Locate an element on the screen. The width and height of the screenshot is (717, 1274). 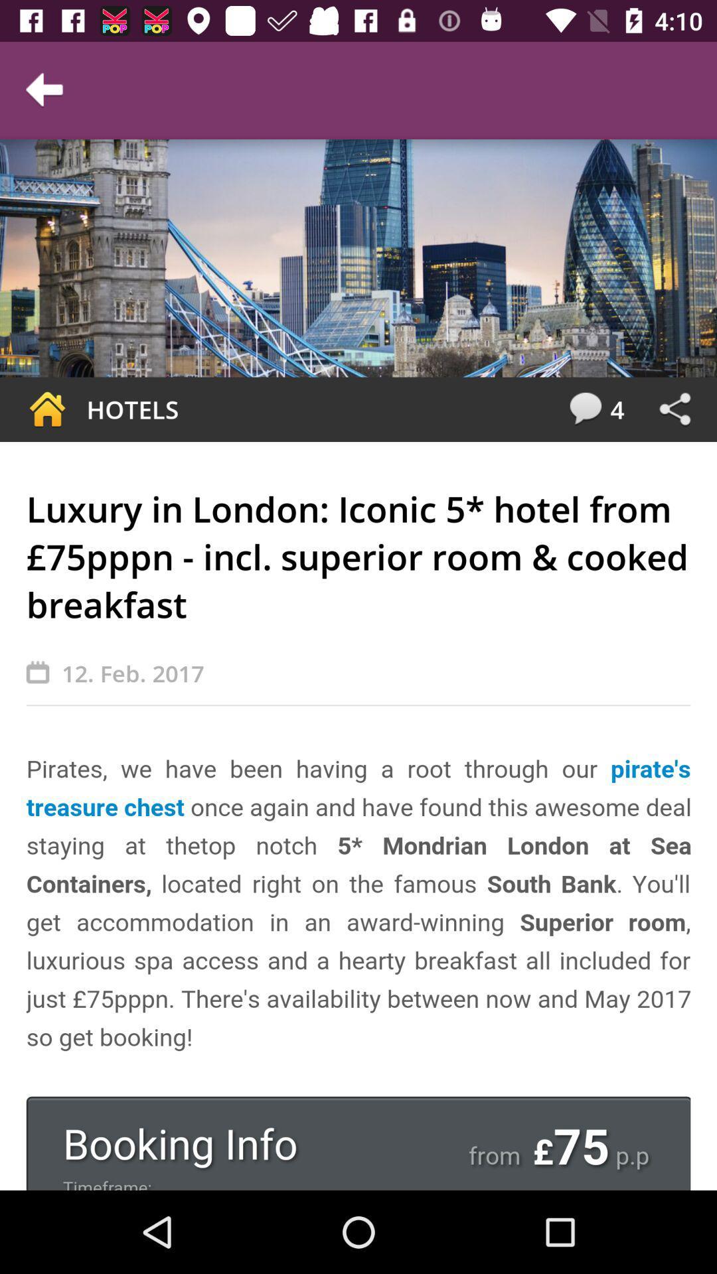
links is located at coordinates (675, 409).